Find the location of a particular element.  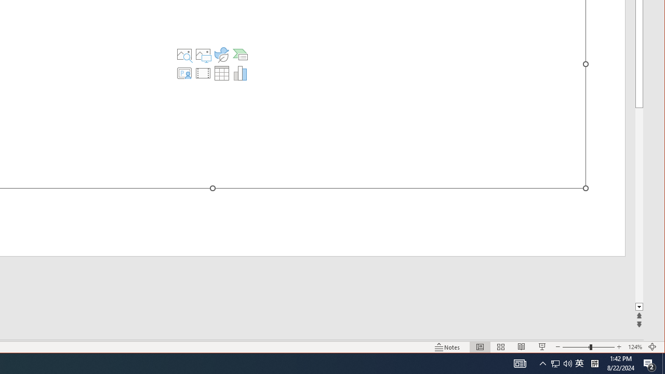

'Insert Table' is located at coordinates (221, 73).